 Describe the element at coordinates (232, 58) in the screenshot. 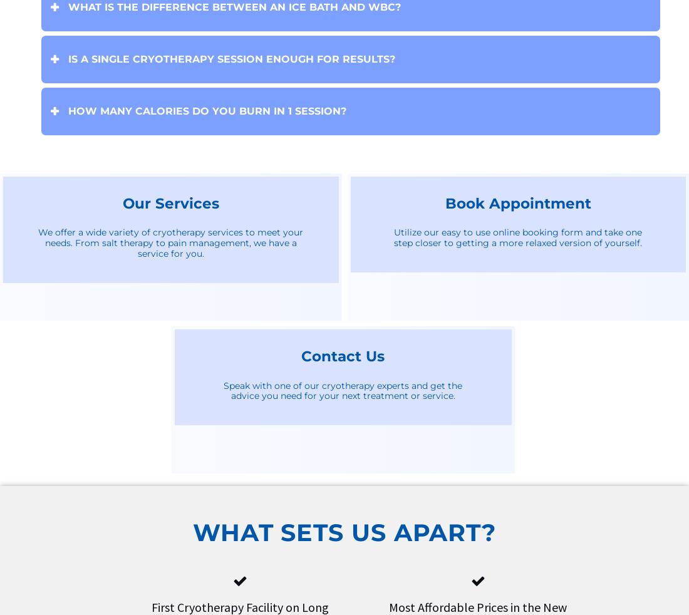

I see `'Is a single cryotherapy session enough for results?'` at that location.